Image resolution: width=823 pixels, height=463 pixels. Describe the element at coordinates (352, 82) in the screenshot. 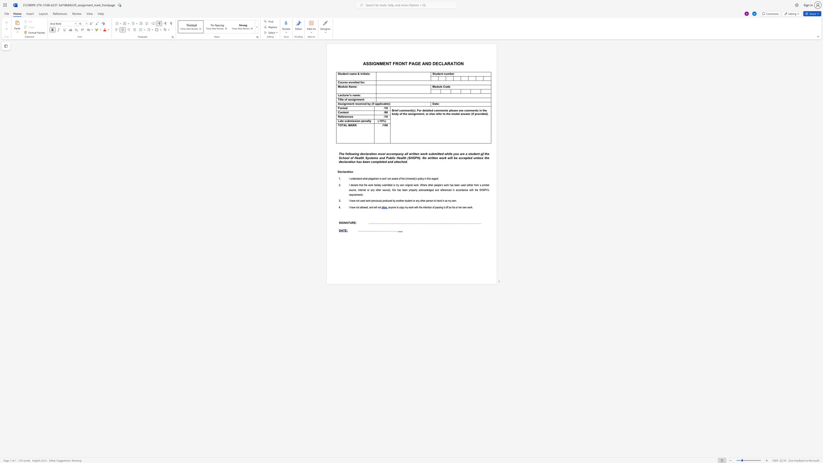

I see `the 2th character "r" in the text` at that location.